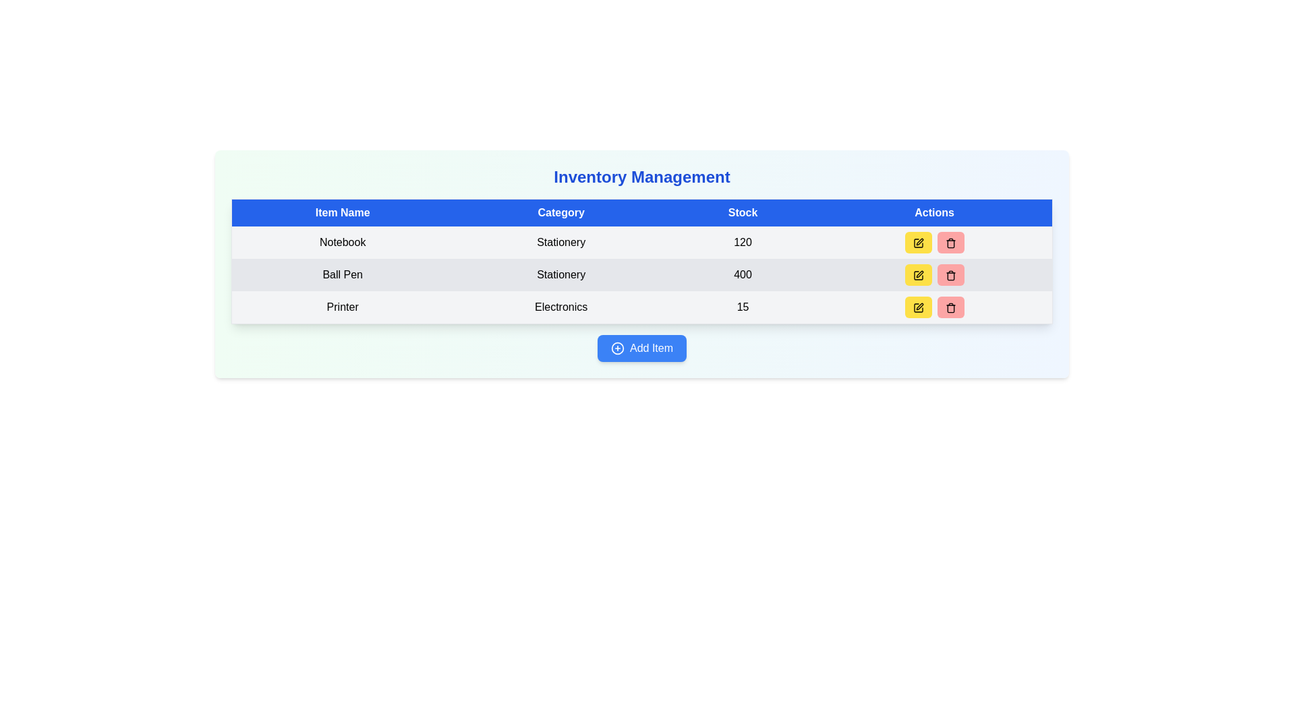  What do you see at coordinates (917, 241) in the screenshot?
I see `the yellow button with a black pen icon located in the actions column of the first row of the table to initiate editing` at bounding box center [917, 241].